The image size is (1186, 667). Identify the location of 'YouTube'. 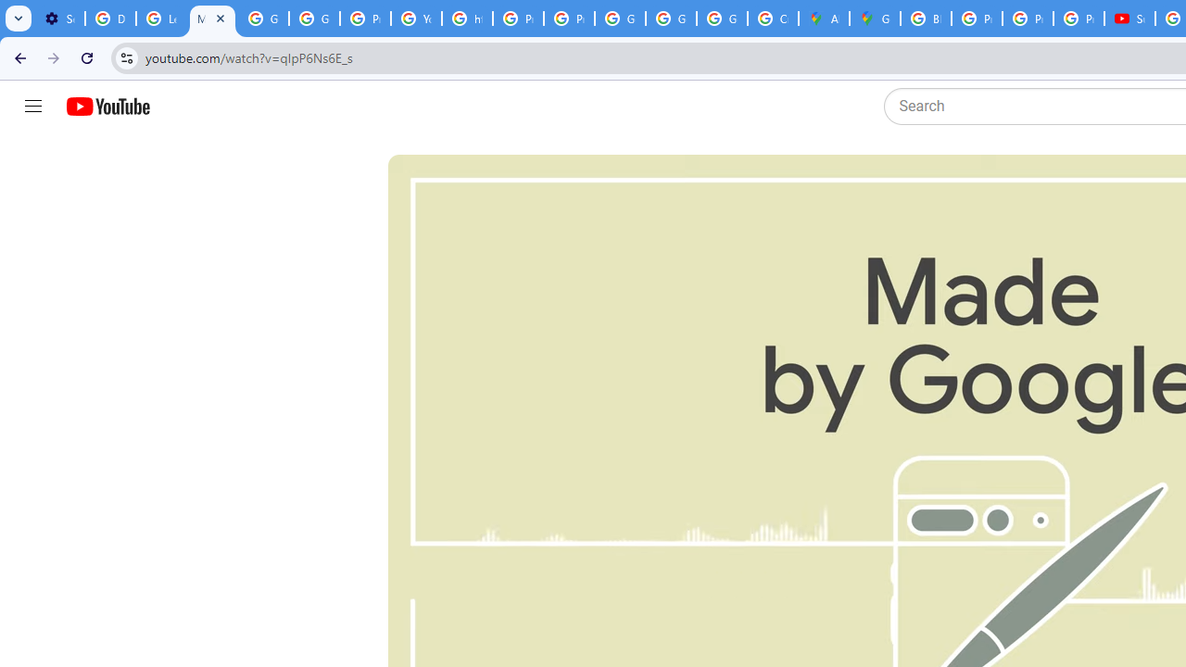
(415, 19).